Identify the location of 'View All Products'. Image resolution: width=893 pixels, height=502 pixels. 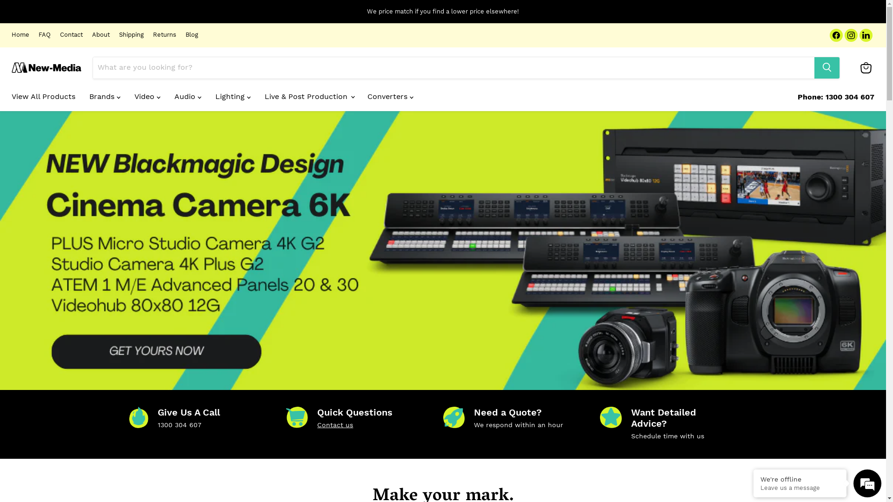
(43, 96).